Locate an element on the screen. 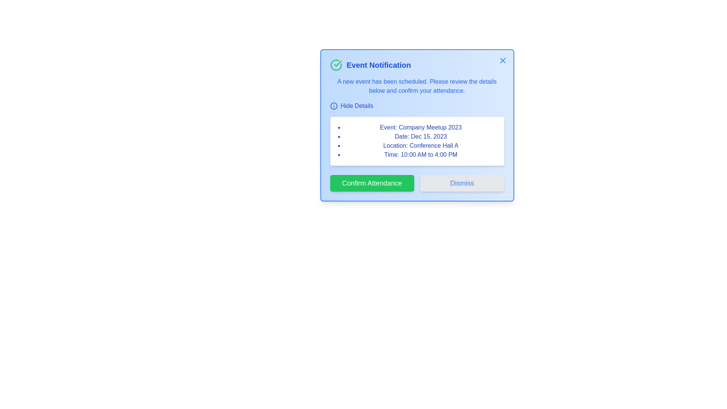  'Hide Details' button to toggle the visibility of the event details is located at coordinates (351, 106).